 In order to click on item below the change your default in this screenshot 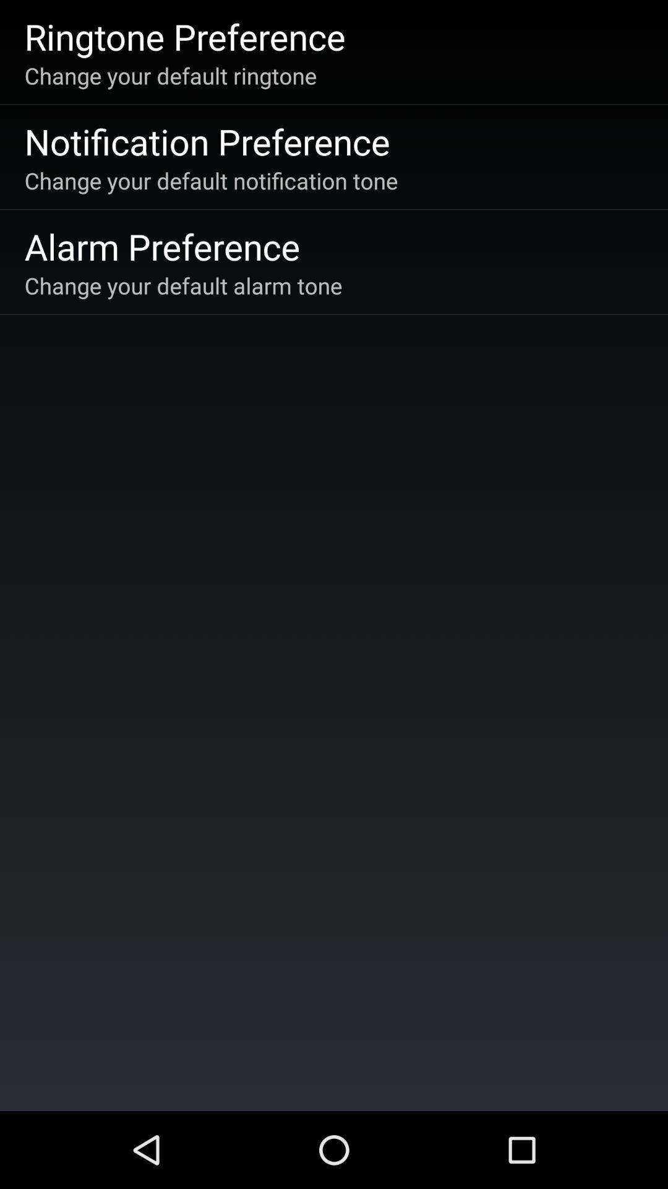, I will do `click(161, 246)`.